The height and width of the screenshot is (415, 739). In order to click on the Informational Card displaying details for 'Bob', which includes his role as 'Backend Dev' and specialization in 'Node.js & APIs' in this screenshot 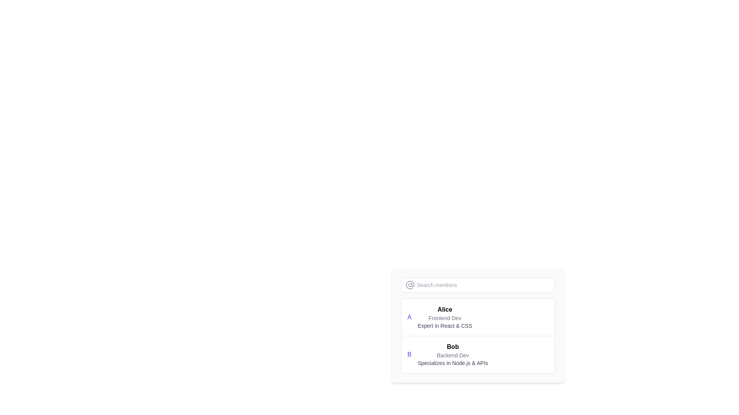, I will do `click(453, 354)`.